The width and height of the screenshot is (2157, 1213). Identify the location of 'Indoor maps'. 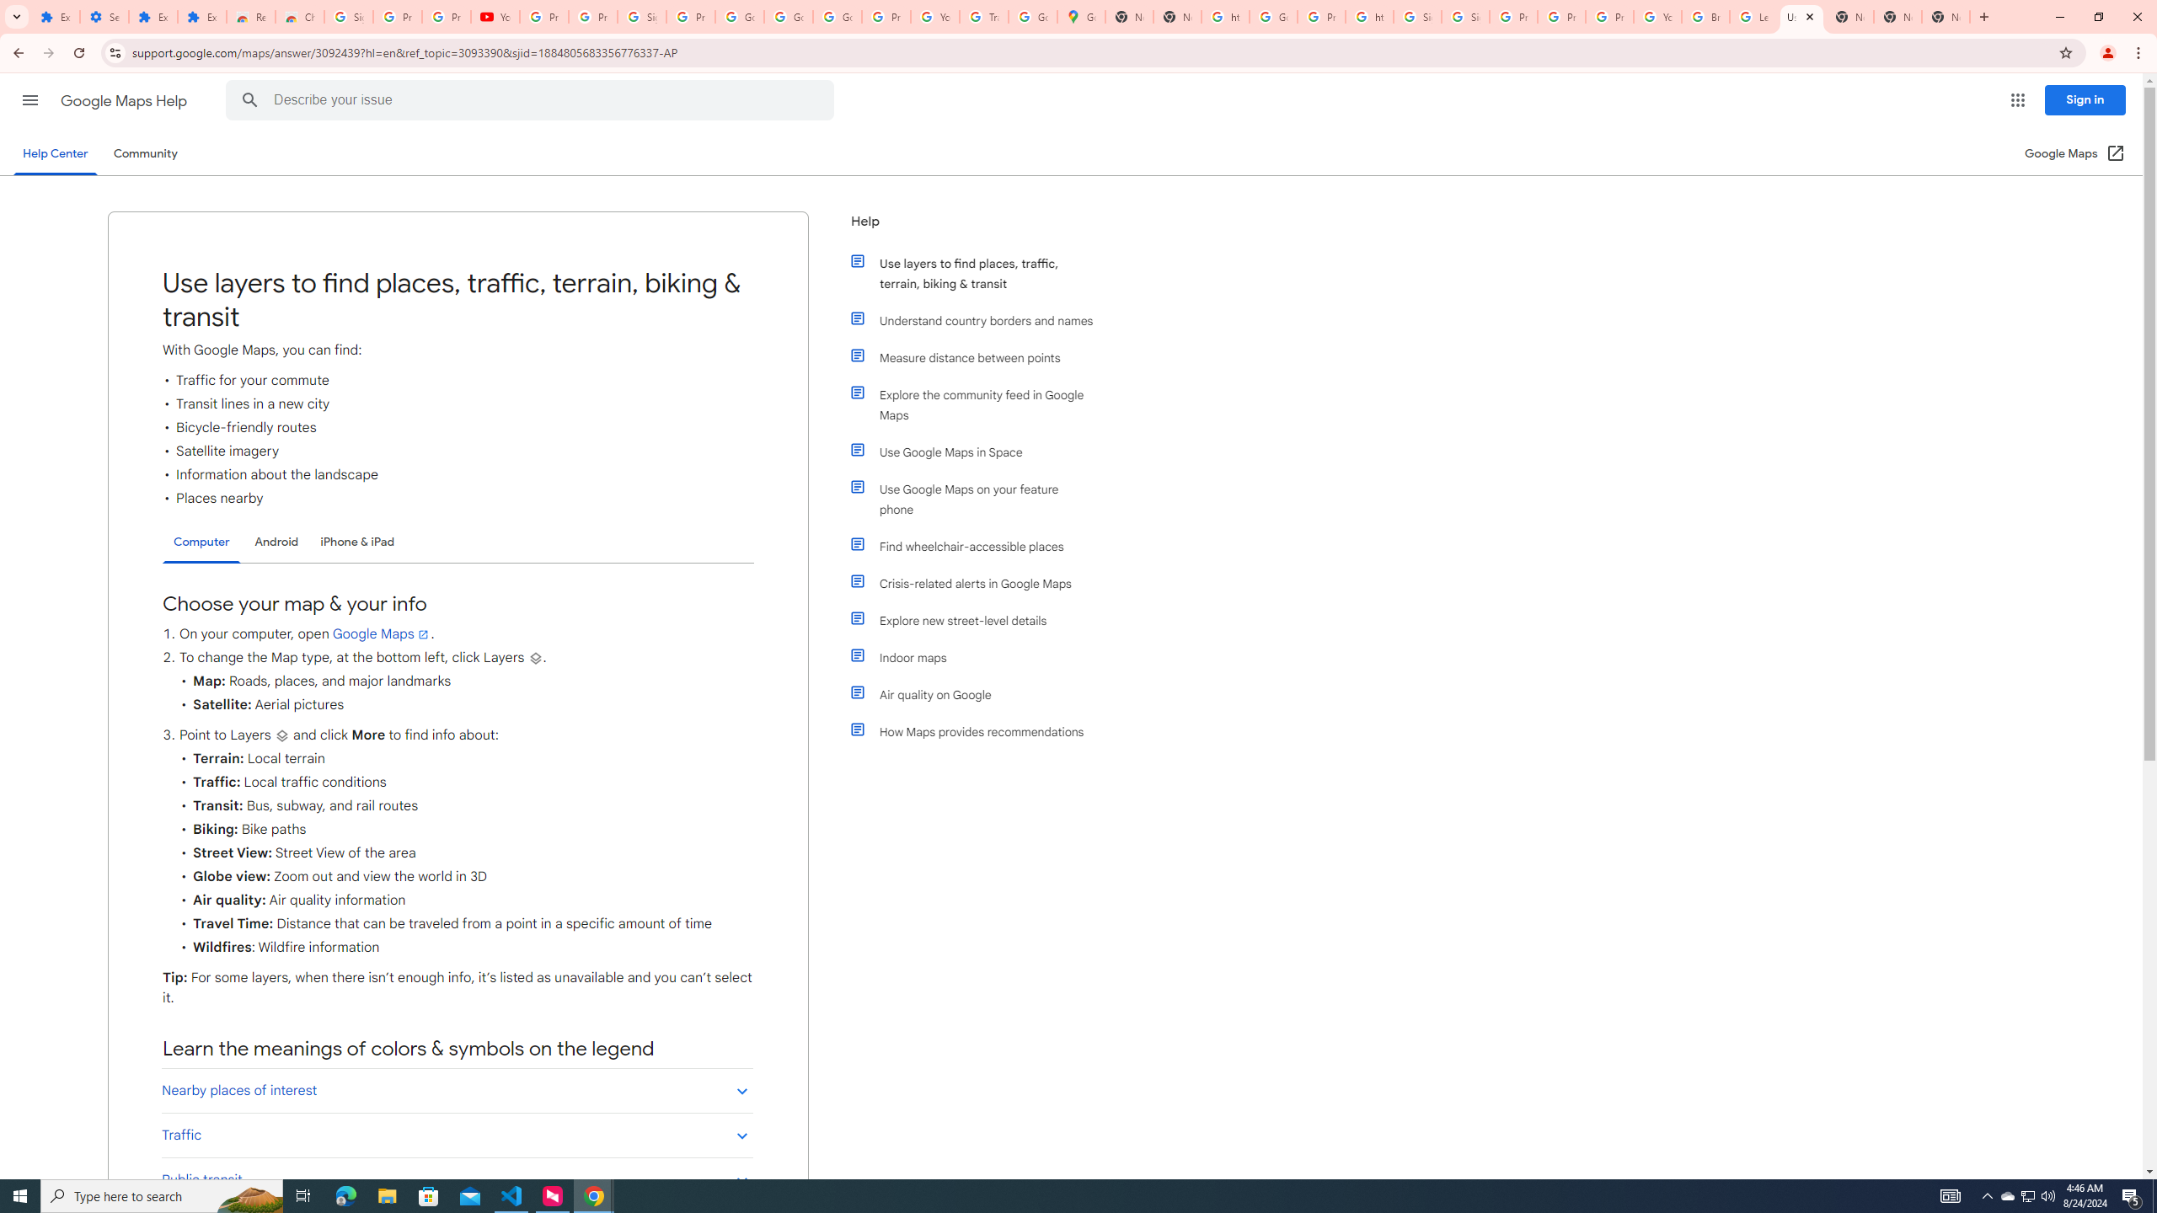
(979, 658).